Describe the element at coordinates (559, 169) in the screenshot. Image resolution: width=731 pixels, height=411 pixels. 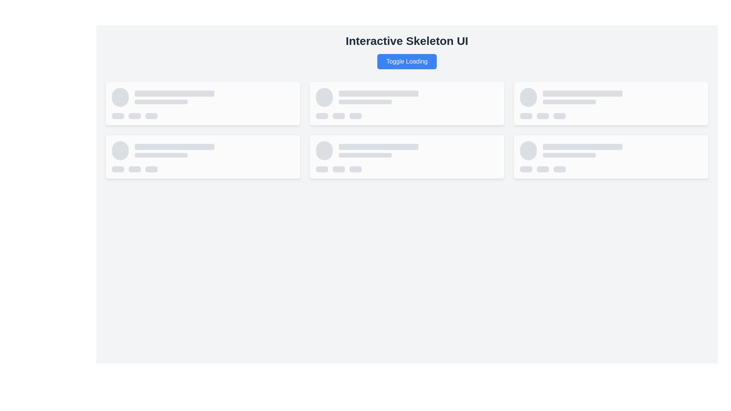
I see `the rightmost button in a horizontal row of three identical buttons with a gray background located near the bottom of the card` at that location.